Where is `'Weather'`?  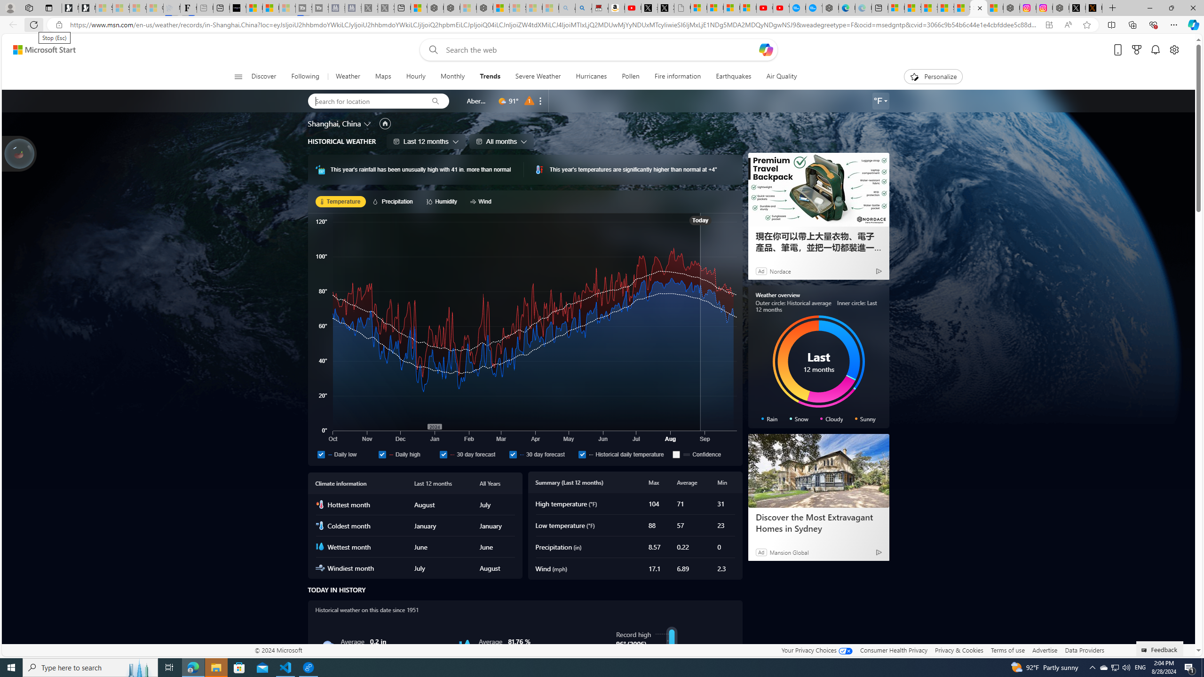
'Weather' is located at coordinates (347, 76).